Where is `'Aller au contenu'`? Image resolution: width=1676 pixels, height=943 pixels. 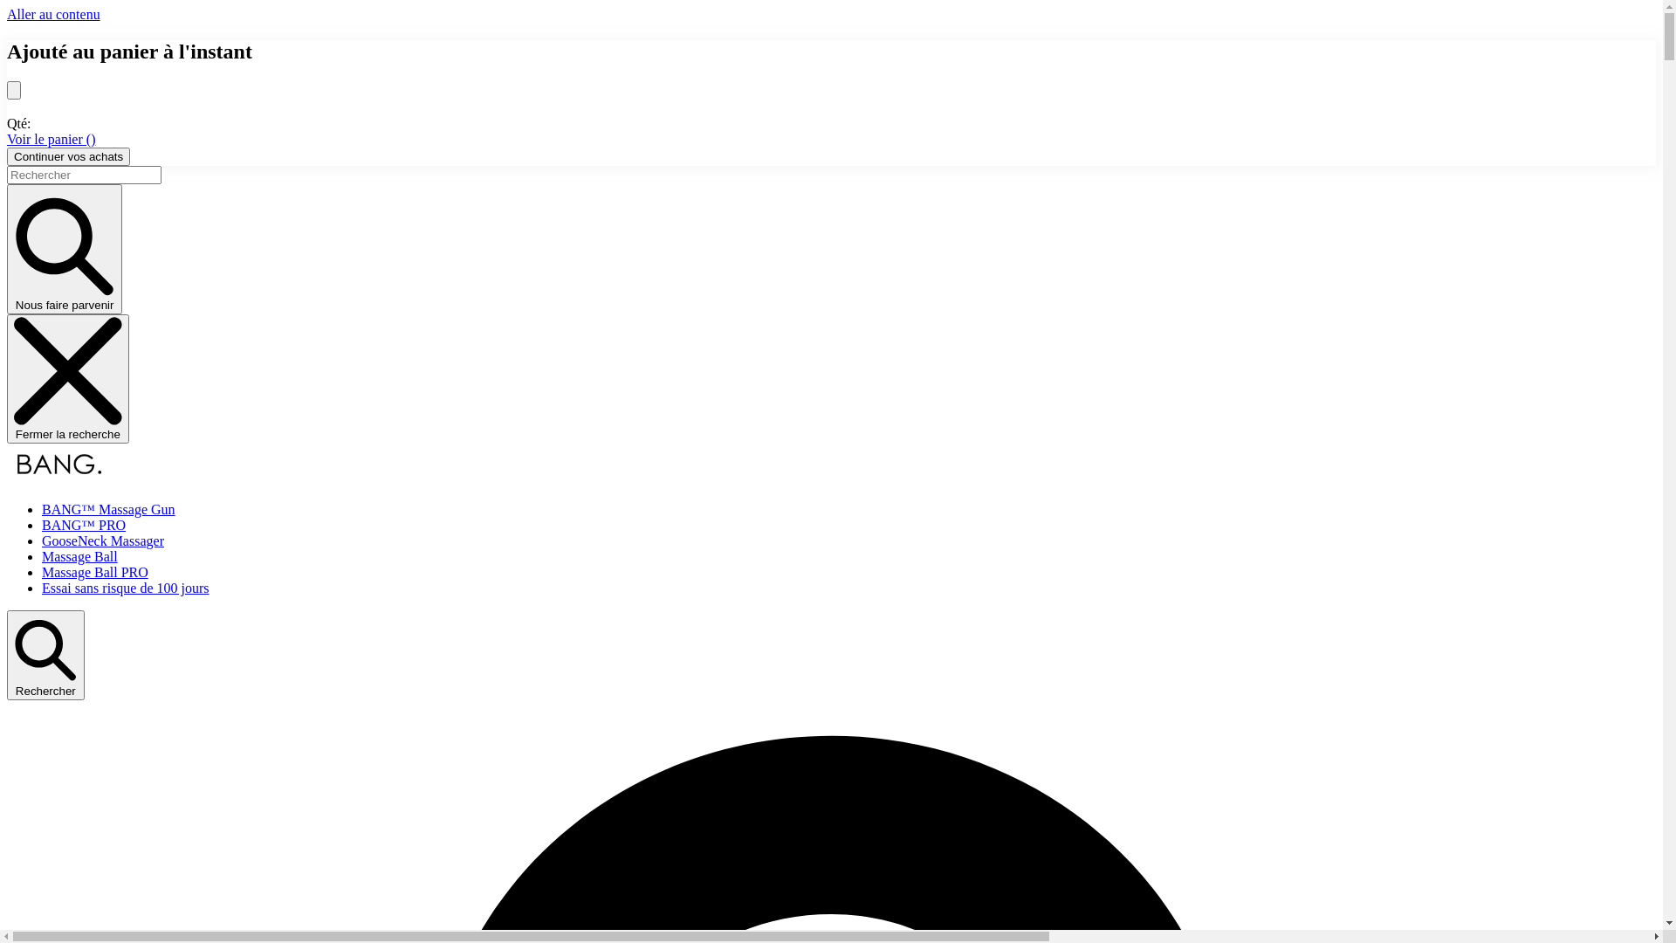
'Aller au contenu' is located at coordinates (53, 14).